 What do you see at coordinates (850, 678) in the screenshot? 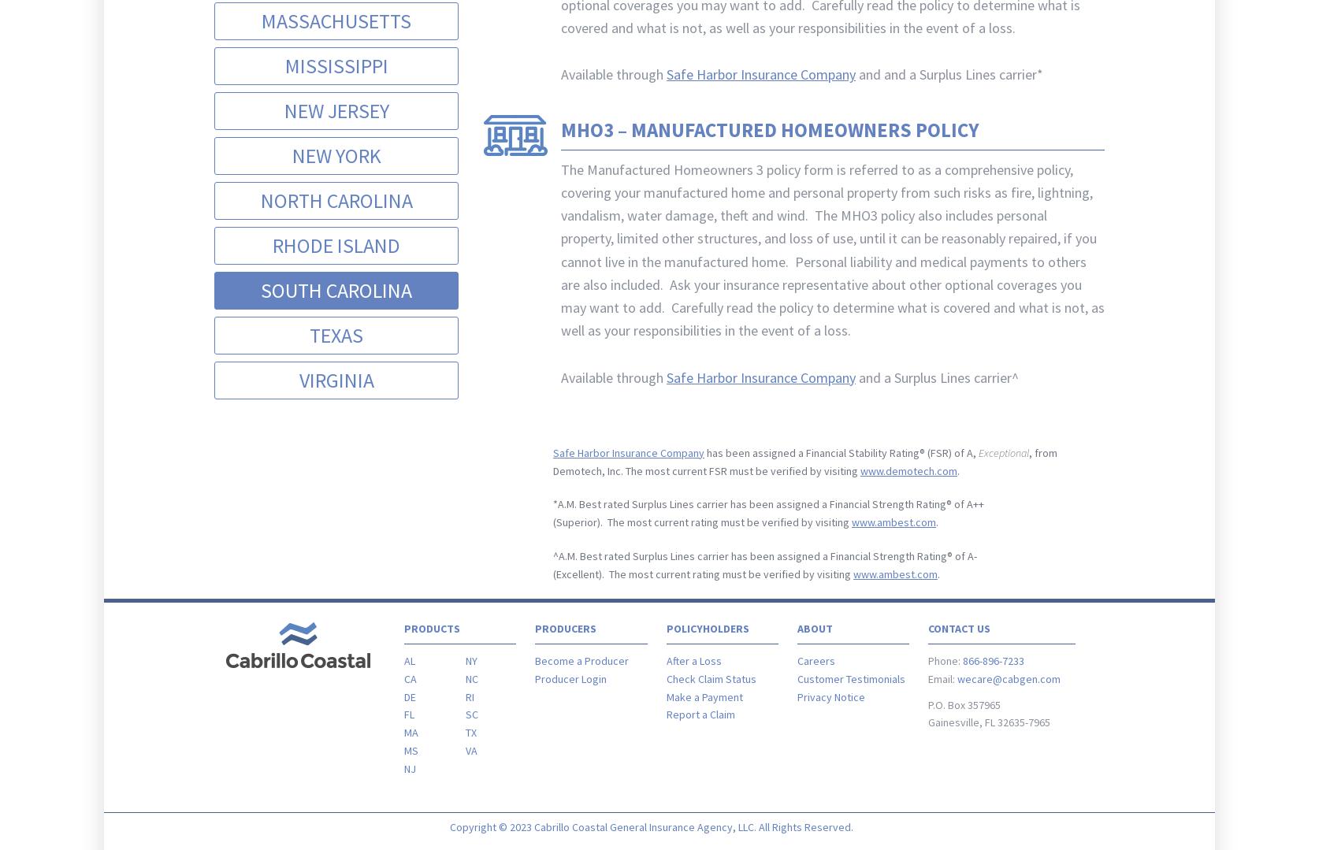
I see `'Customer Testimonials'` at bounding box center [850, 678].